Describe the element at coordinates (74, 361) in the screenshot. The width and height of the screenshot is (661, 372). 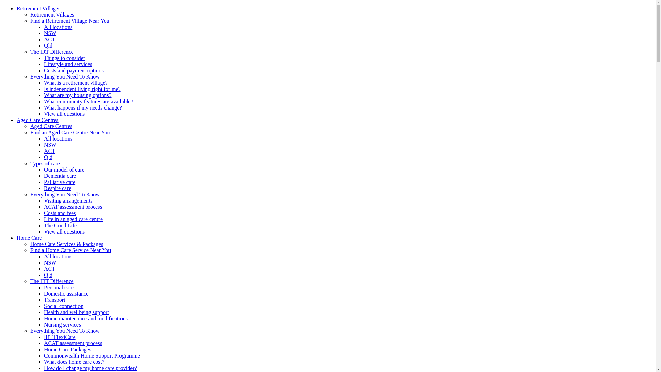
I see `'What does home care cost?'` at that location.